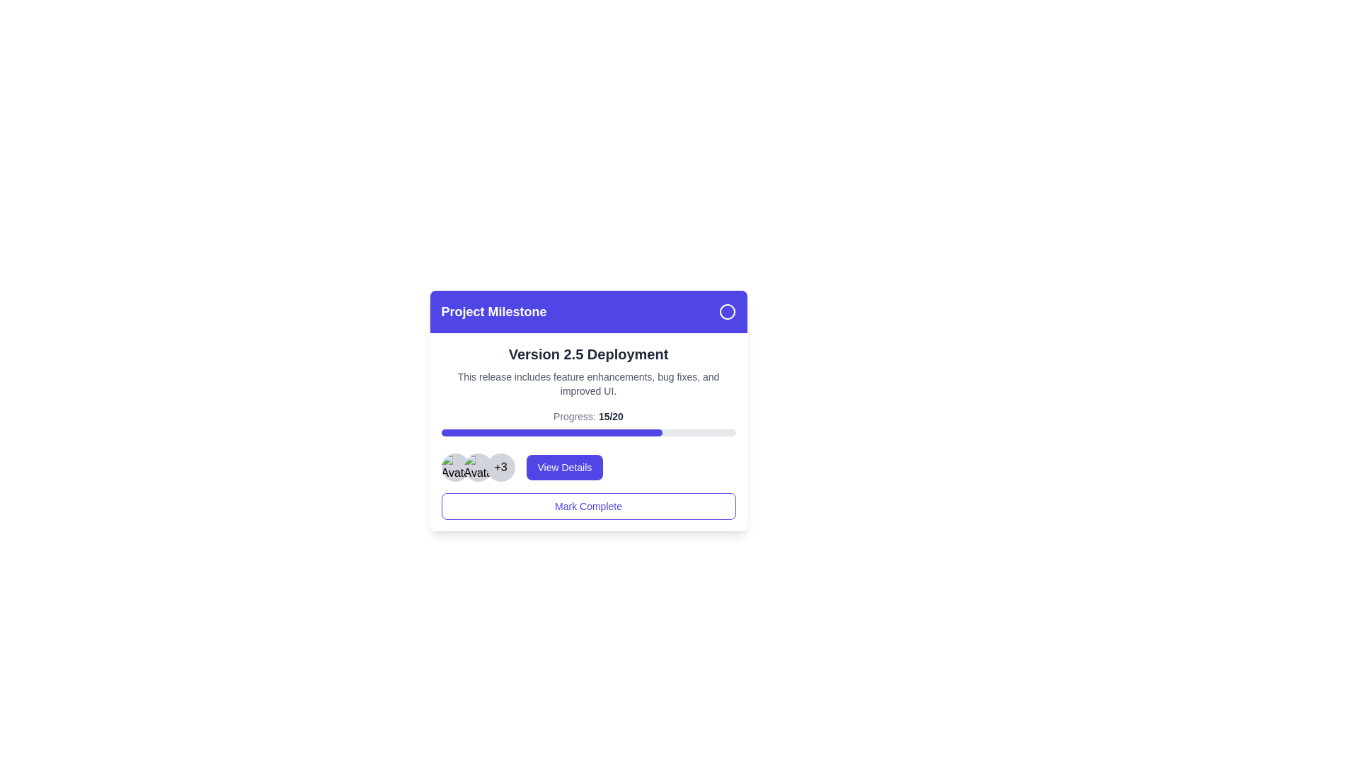 The width and height of the screenshot is (1359, 764). I want to click on the first circular avatar placeholder with a light gray background located in a row of overlapping avatars, so click(455, 467).